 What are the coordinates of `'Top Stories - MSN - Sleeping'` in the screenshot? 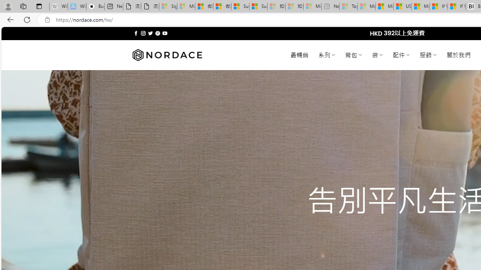 It's located at (348, 6).